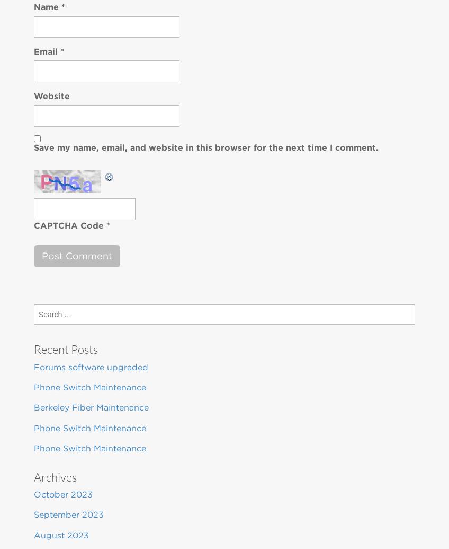  I want to click on 'CAPTCHA Code', so click(68, 225).